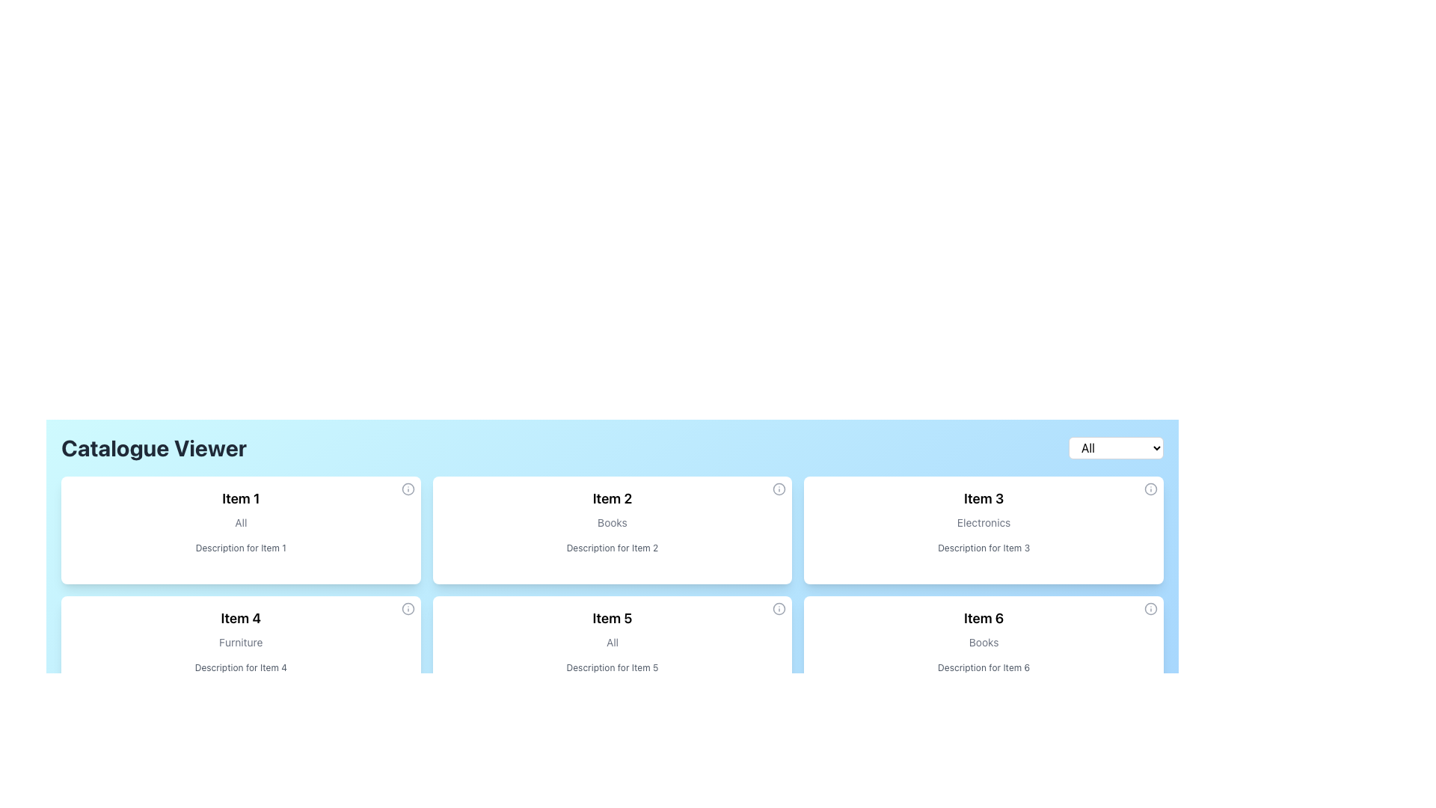 The image size is (1436, 808). Describe the element at coordinates (779, 608) in the screenshot. I see `the sixth vector graphic circle element located at the top-right corner of the 'Item 5' card, which serves as an information indicator` at that location.